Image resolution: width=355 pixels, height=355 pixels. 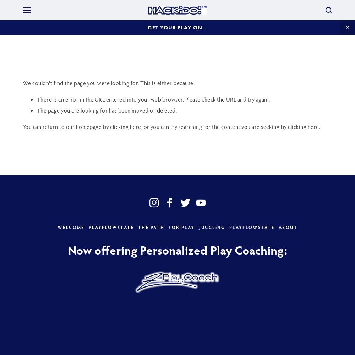 I want to click on 'JUGGLiNG', so click(x=199, y=227).